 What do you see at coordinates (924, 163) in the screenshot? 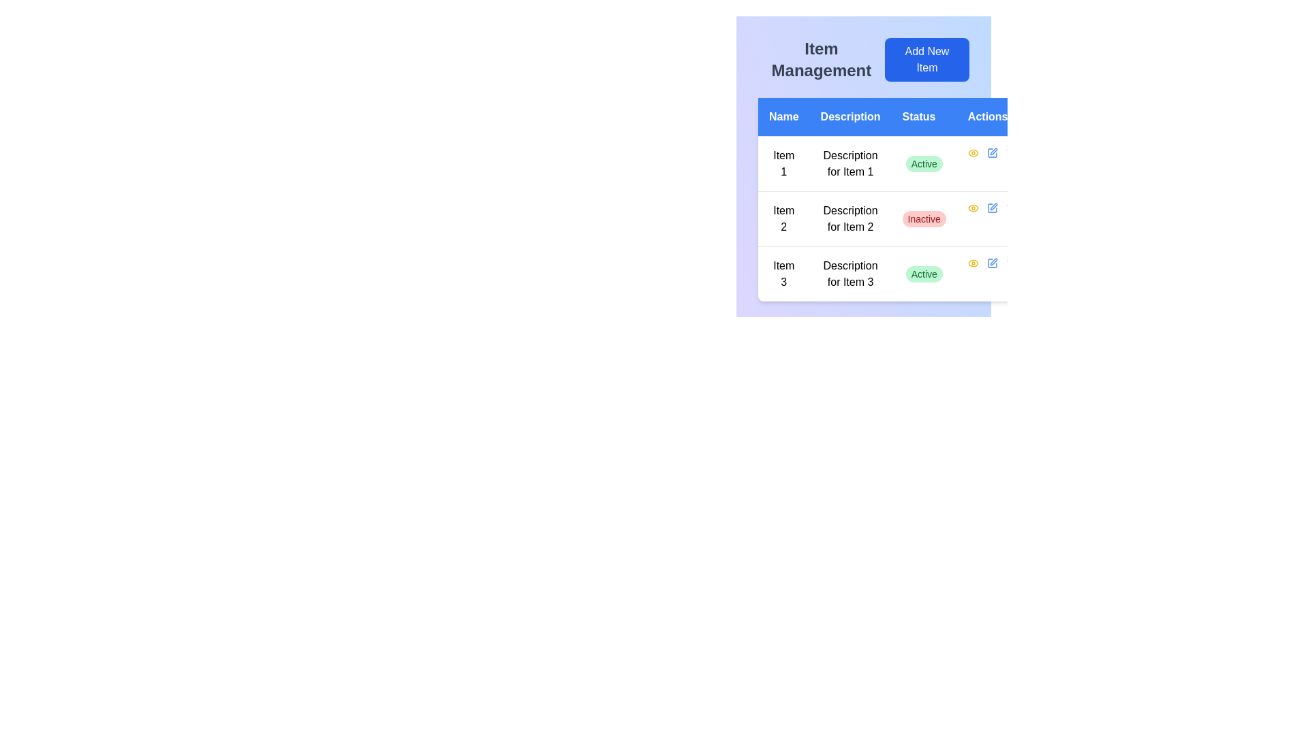
I see `the 'Active' status badge, which is a pill-shaped badge with a green background located in the third column of the first row under the 'Status' header` at bounding box center [924, 163].